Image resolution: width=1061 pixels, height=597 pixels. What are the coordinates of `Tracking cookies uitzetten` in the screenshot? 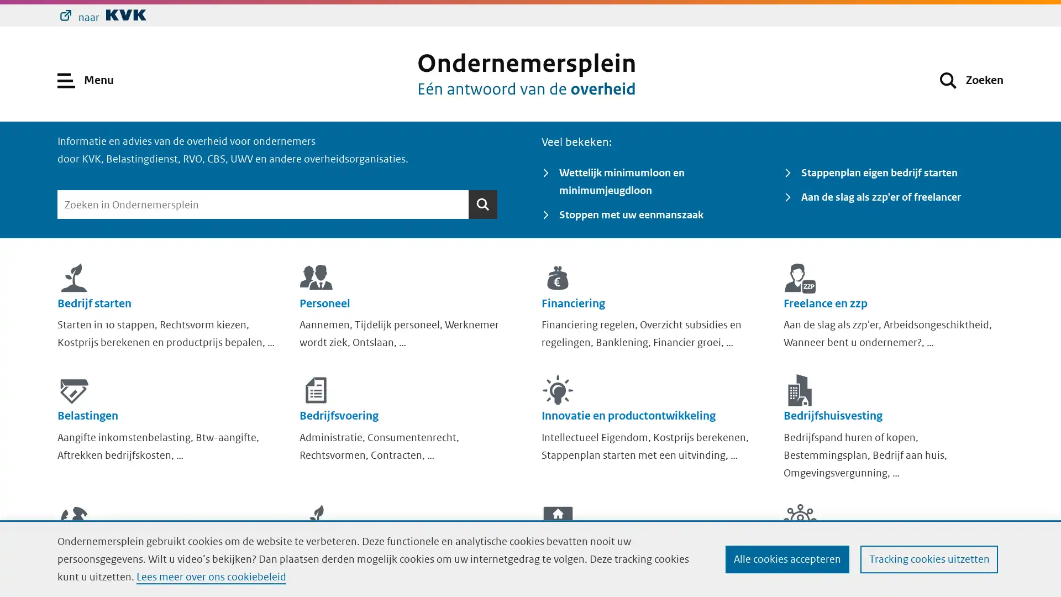 It's located at (928, 559).